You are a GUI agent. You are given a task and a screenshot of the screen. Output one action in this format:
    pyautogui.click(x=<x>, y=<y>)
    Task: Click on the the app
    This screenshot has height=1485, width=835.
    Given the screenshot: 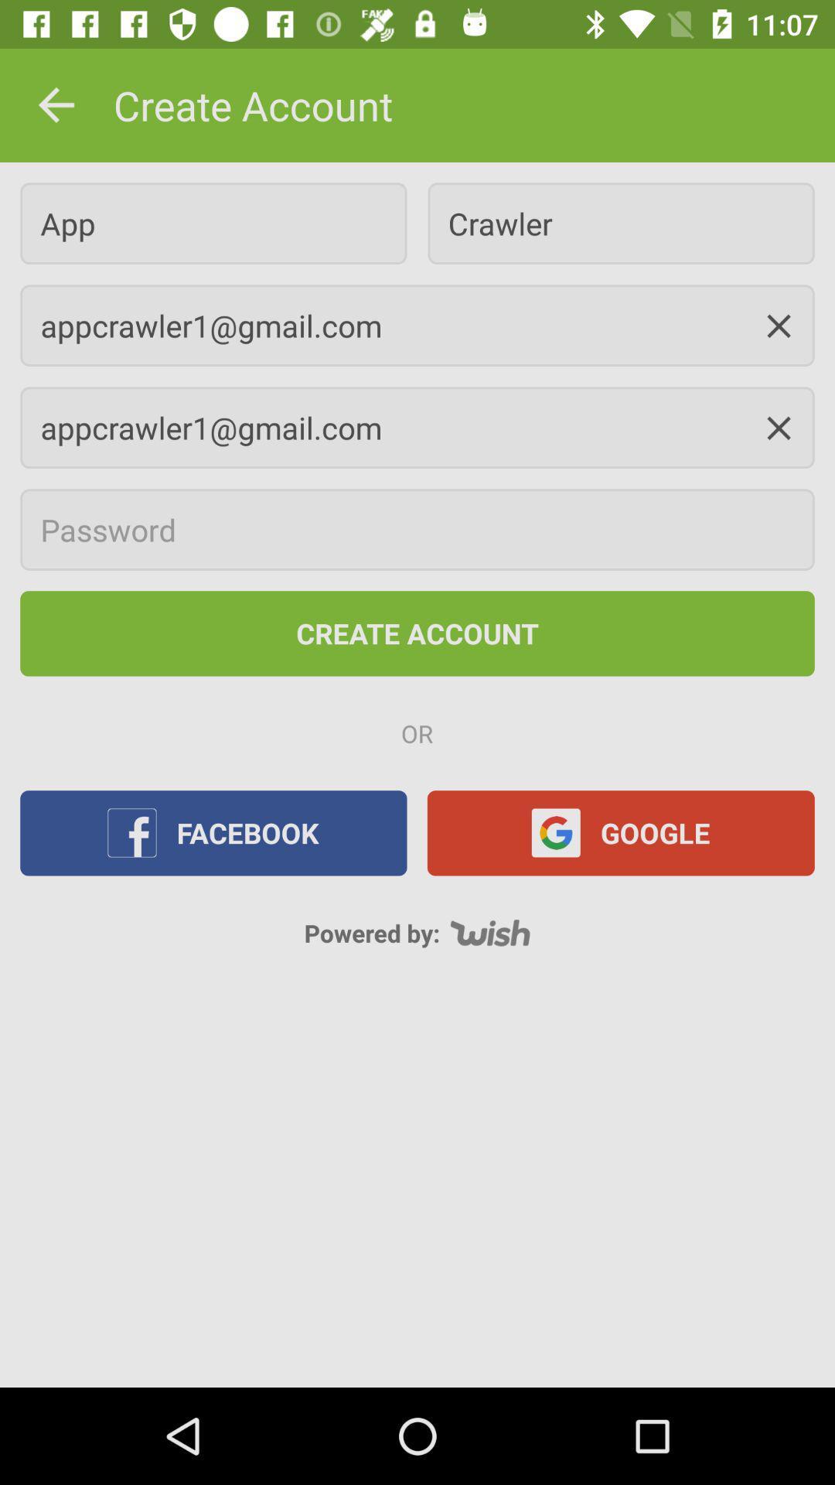 What is the action you would take?
    pyautogui.click(x=213, y=223)
    